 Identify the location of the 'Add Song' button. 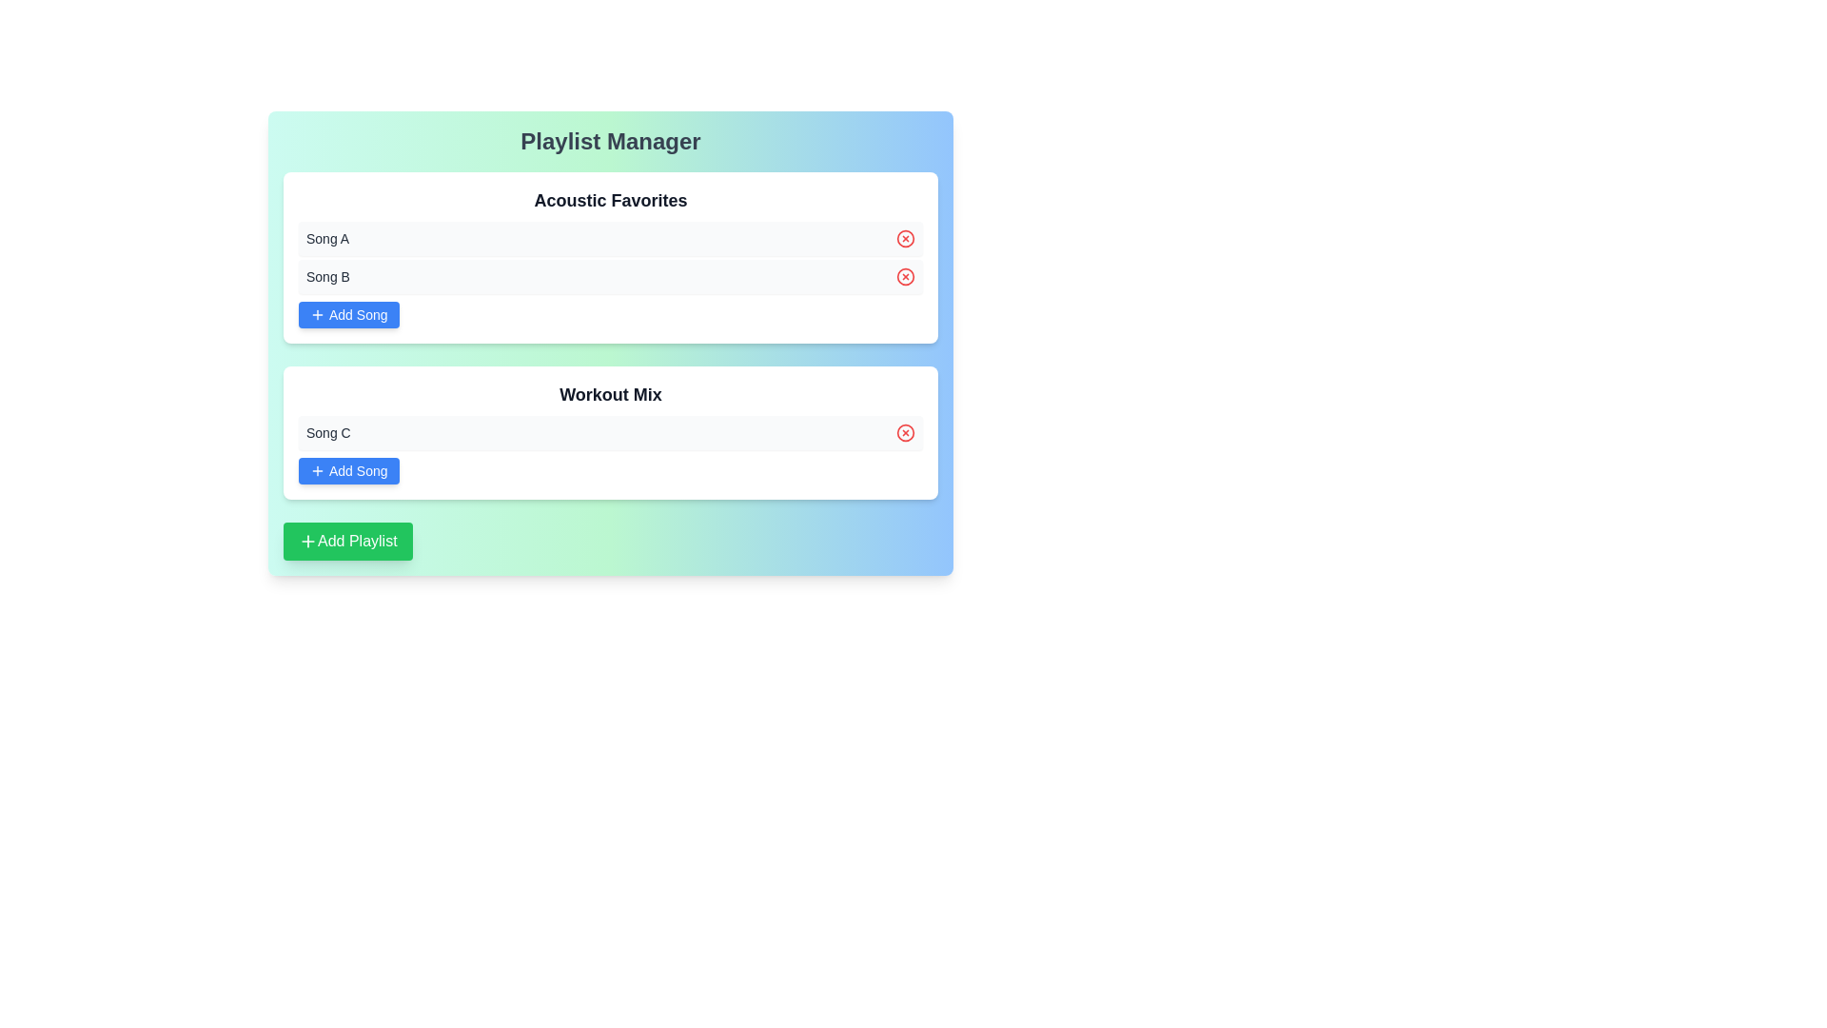
(318, 314).